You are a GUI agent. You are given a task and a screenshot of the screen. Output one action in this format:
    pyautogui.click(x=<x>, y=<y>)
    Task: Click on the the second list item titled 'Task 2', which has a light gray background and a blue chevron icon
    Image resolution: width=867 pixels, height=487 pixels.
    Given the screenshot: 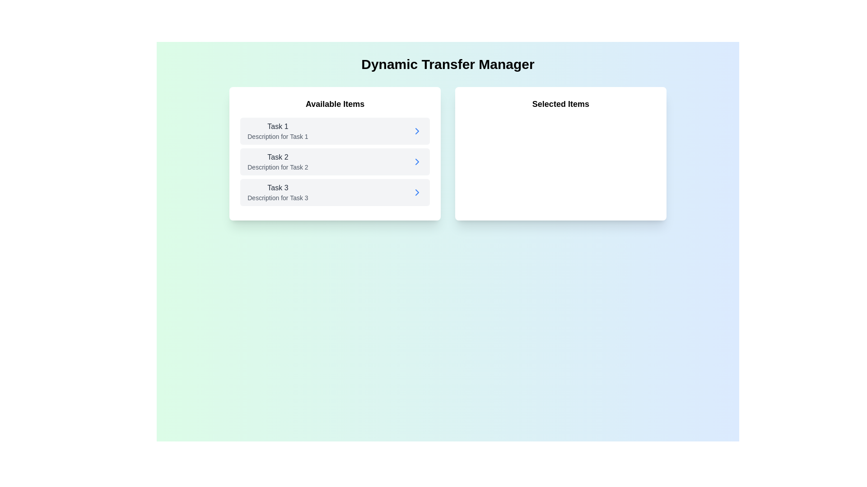 What is the action you would take?
    pyautogui.click(x=335, y=161)
    